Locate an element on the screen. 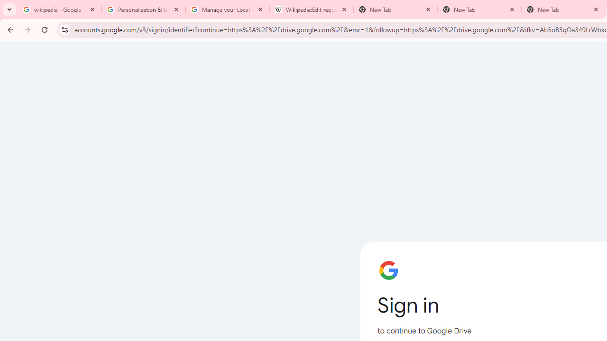  'Manage your Location History - Google Search Help' is located at coordinates (227, 9).